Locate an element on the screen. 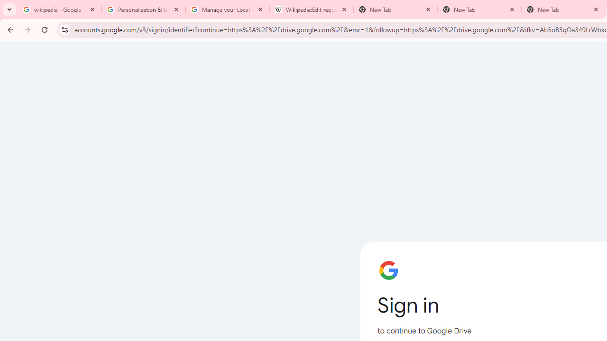  'Manage your Location History - Google Search Help' is located at coordinates (227, 9).